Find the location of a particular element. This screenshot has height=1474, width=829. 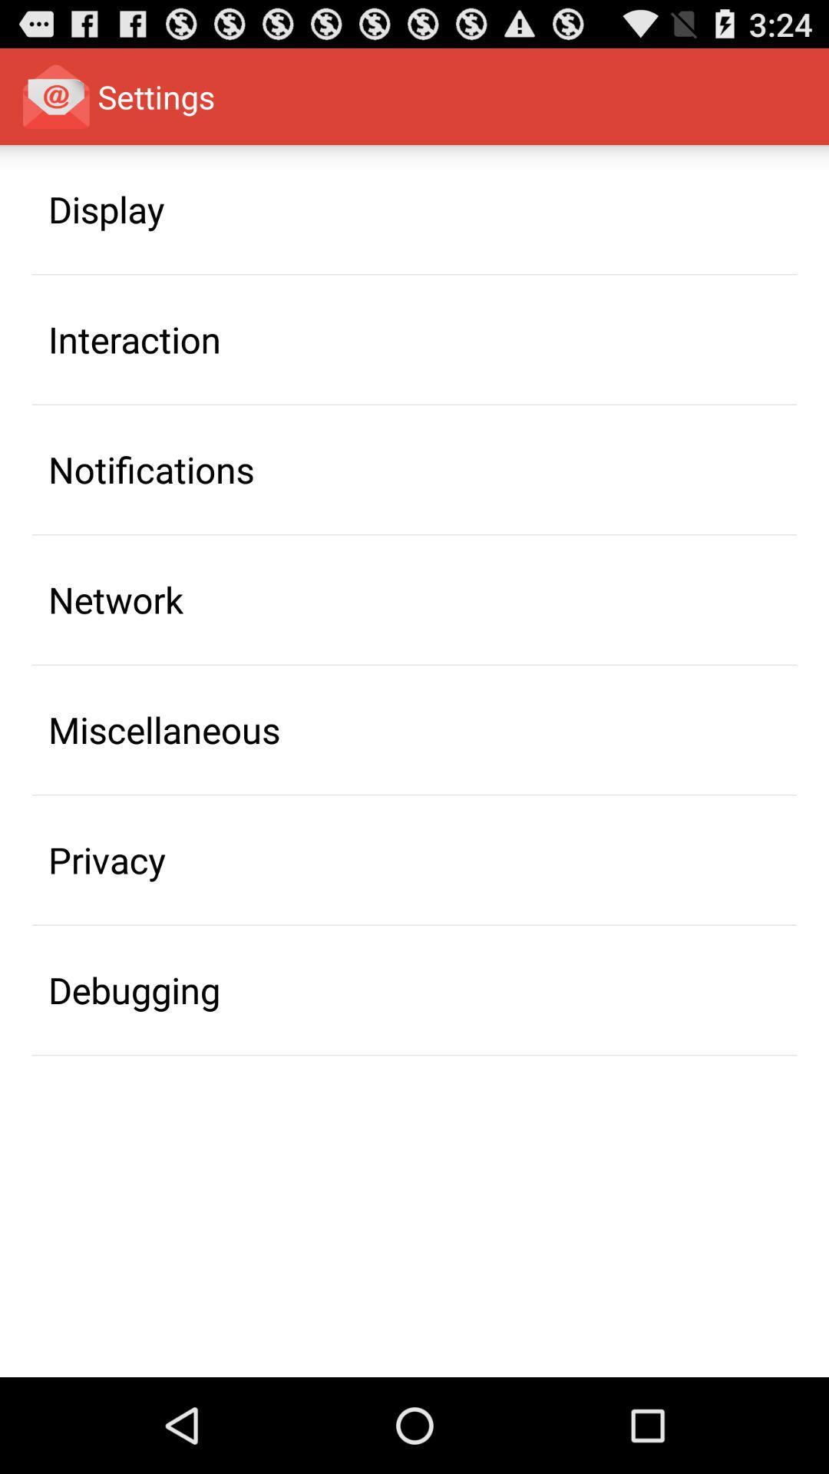

the privacy is located at coordinates (106, 860).